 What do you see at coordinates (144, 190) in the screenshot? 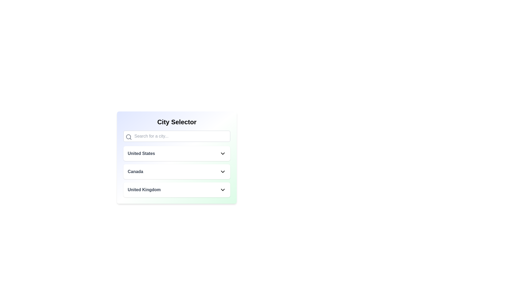
I see `the static text label identifying 'United Kingdom' within the dropdown menu for selecting cities or countries` at bounding box center [144, 190].